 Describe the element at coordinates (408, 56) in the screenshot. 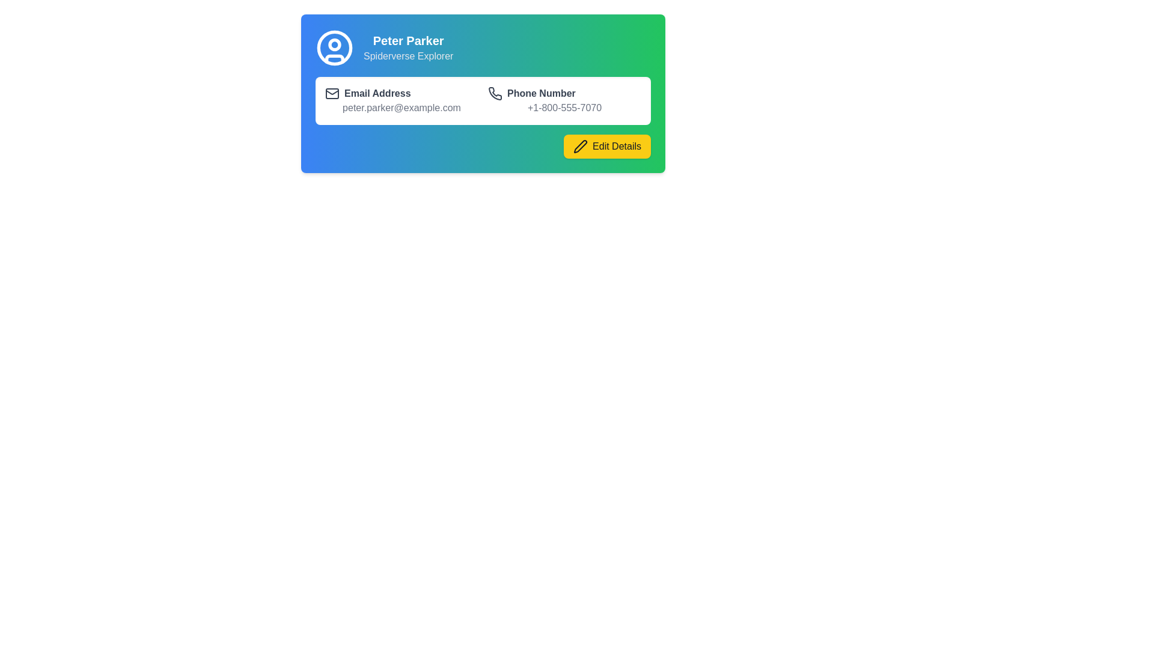

I see `the text label that provides contextual information related to 'Peter Parker', located just beneath the heading labeled 'Peter Parker' in the top-left section of the interface` at that location.